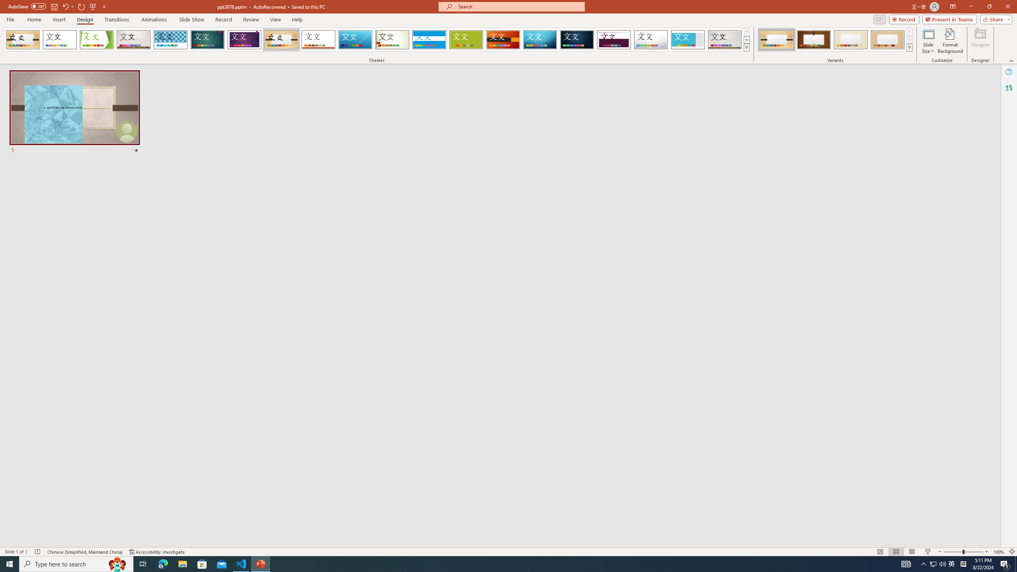 This screenshot has width=1017, height=572. Describe the element at coordinates (614, 39) in the screenshot. I see `'Dividend'` at that location.